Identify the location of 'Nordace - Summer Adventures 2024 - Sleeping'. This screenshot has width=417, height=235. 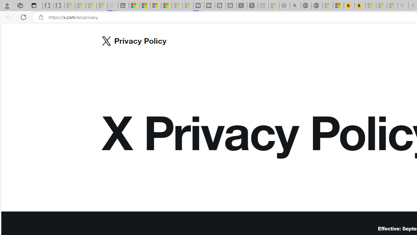
(284, 6).